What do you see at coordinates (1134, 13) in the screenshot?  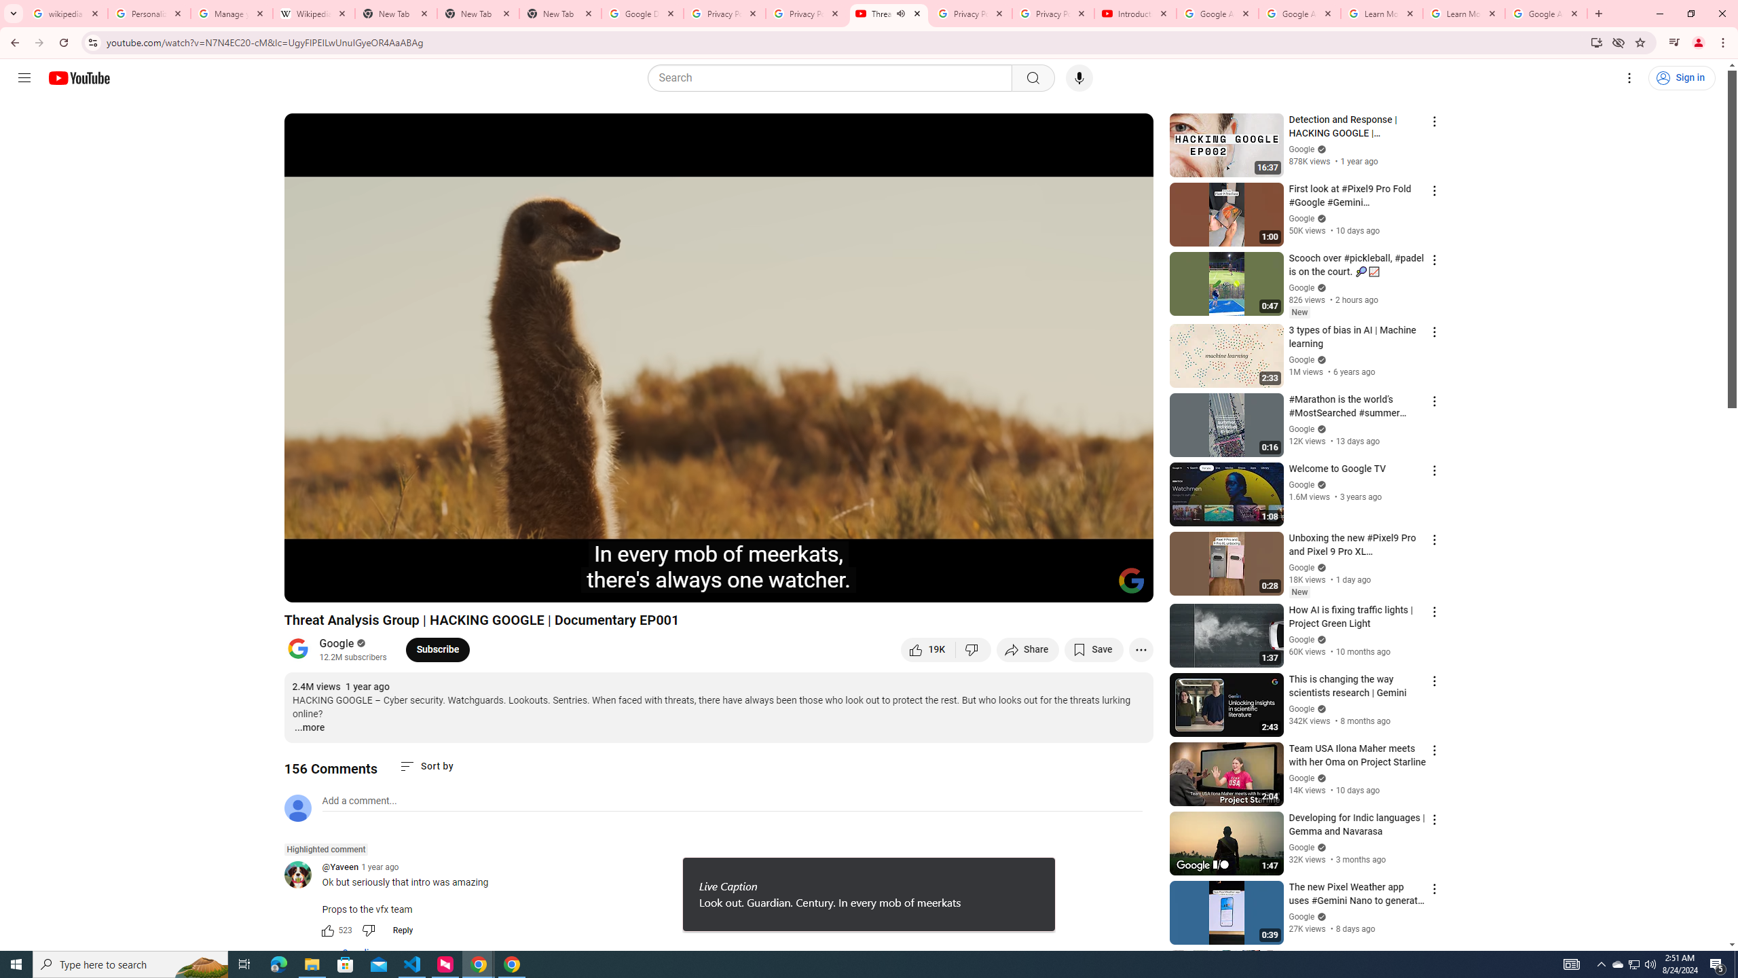 I see `'Introduction | Google Privacy Policy - YouTube'` at bounding box center [1134, 13].